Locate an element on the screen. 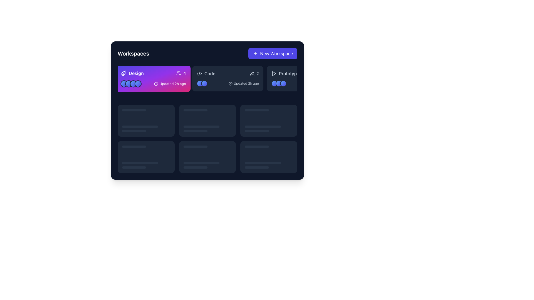 Image resolution: width=534 pixels, height=300 pixels. the loading indicator component, which consists of two vertically stacked bars with a pulse-like animation and dark slate color, positioned towards the bottom-right quadrant of the interface is located at coordinates (146, 165).